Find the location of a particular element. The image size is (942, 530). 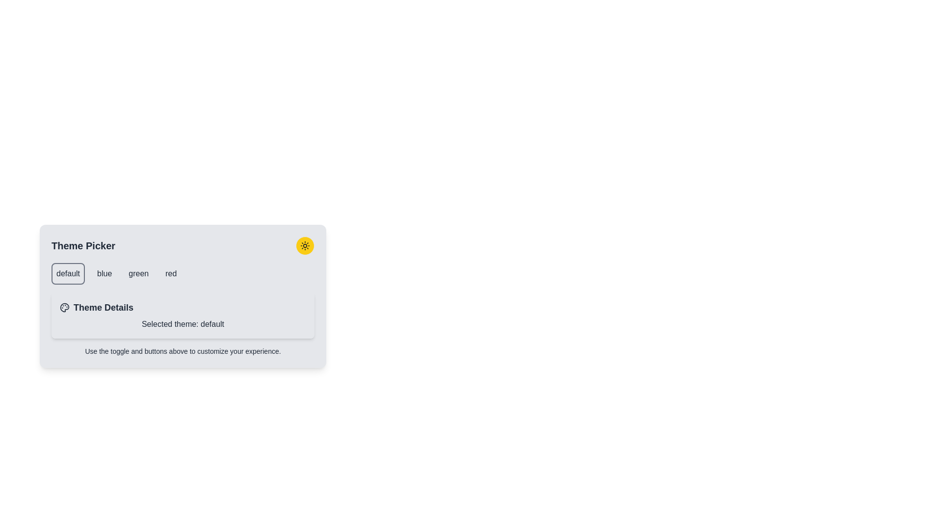

the button group in the Theme Picker card is located at coordinates (183, 274).